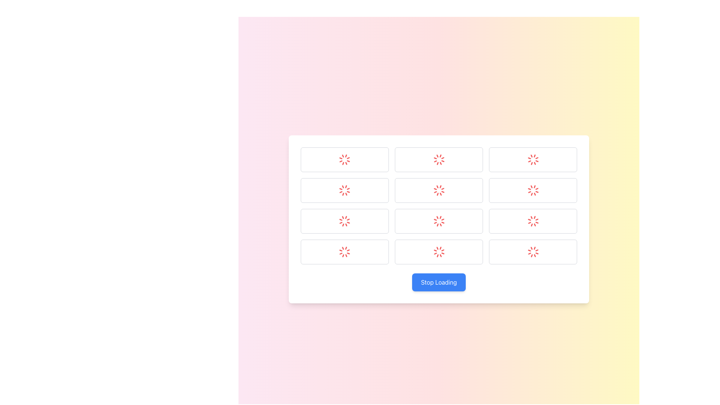  I want to click on the animated loading icon located in the fourth row and first column of the grid layout to observe its animation, so click(344, 252).